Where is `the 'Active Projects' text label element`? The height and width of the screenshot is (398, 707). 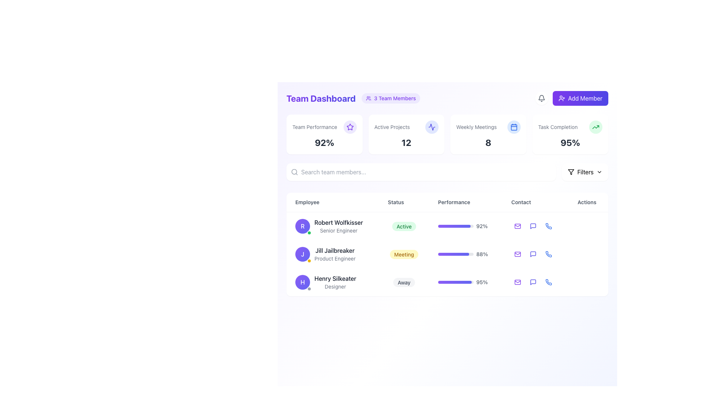
the 'Active Projects' text label element is located at coordinates (406, 126).